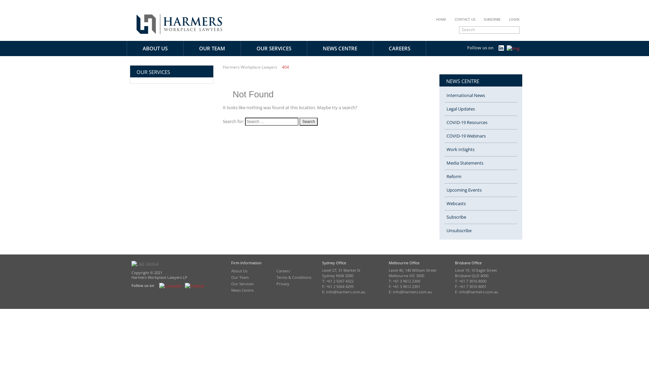 This screenshot has width=649, height=365. What do you see at coordinates (239, 270) in the screenshot?
I see `'About Us'` at bounding box center [239, 270].